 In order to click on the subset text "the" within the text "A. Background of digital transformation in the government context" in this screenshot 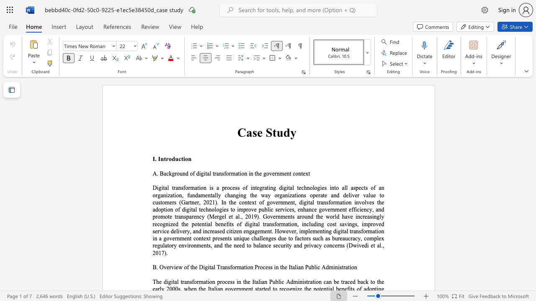, I will do `click(254, 173)`.